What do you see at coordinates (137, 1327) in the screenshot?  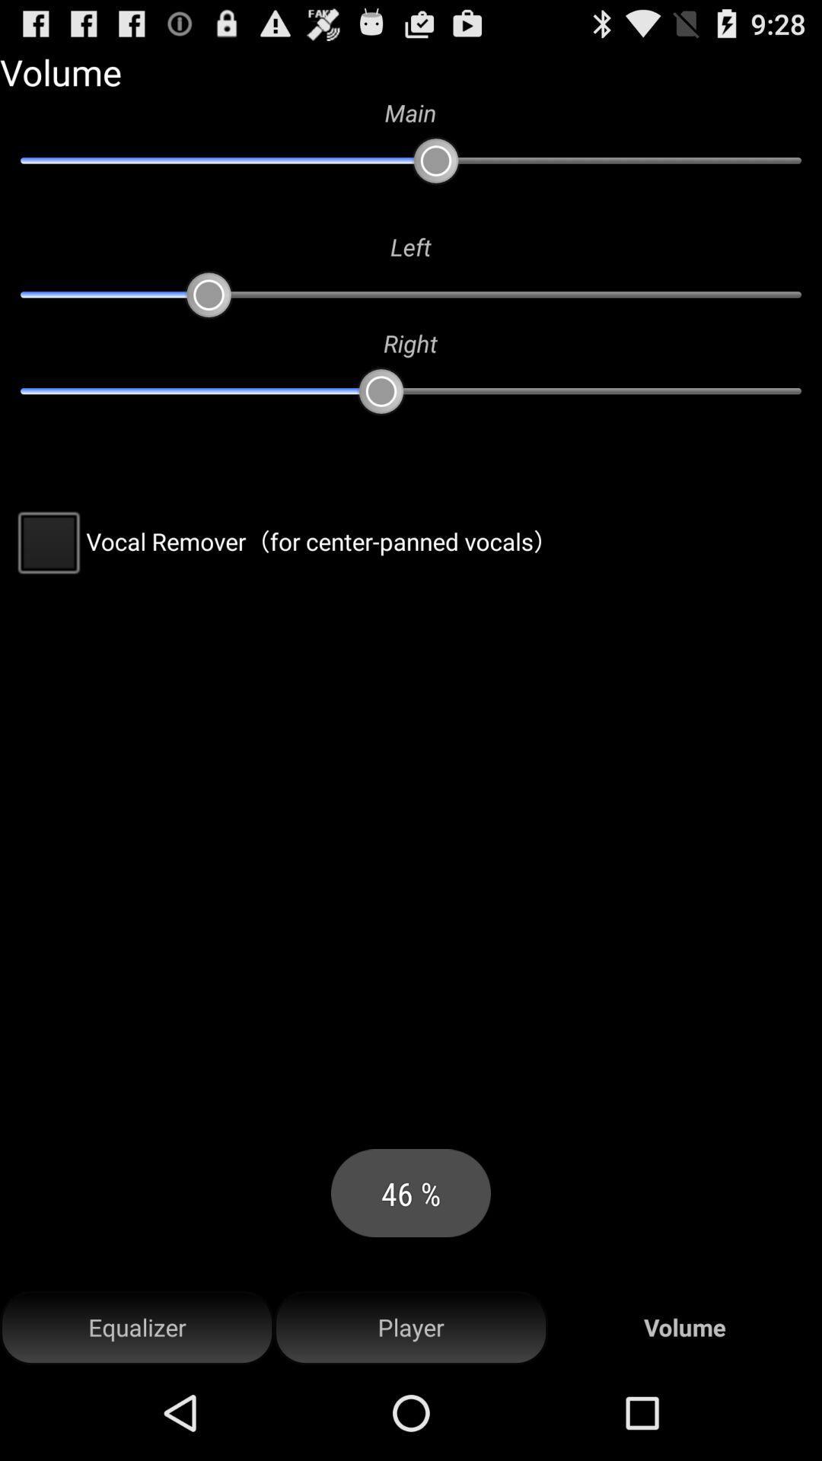 I see `the equalizer` at bounding box center [137, 1327].